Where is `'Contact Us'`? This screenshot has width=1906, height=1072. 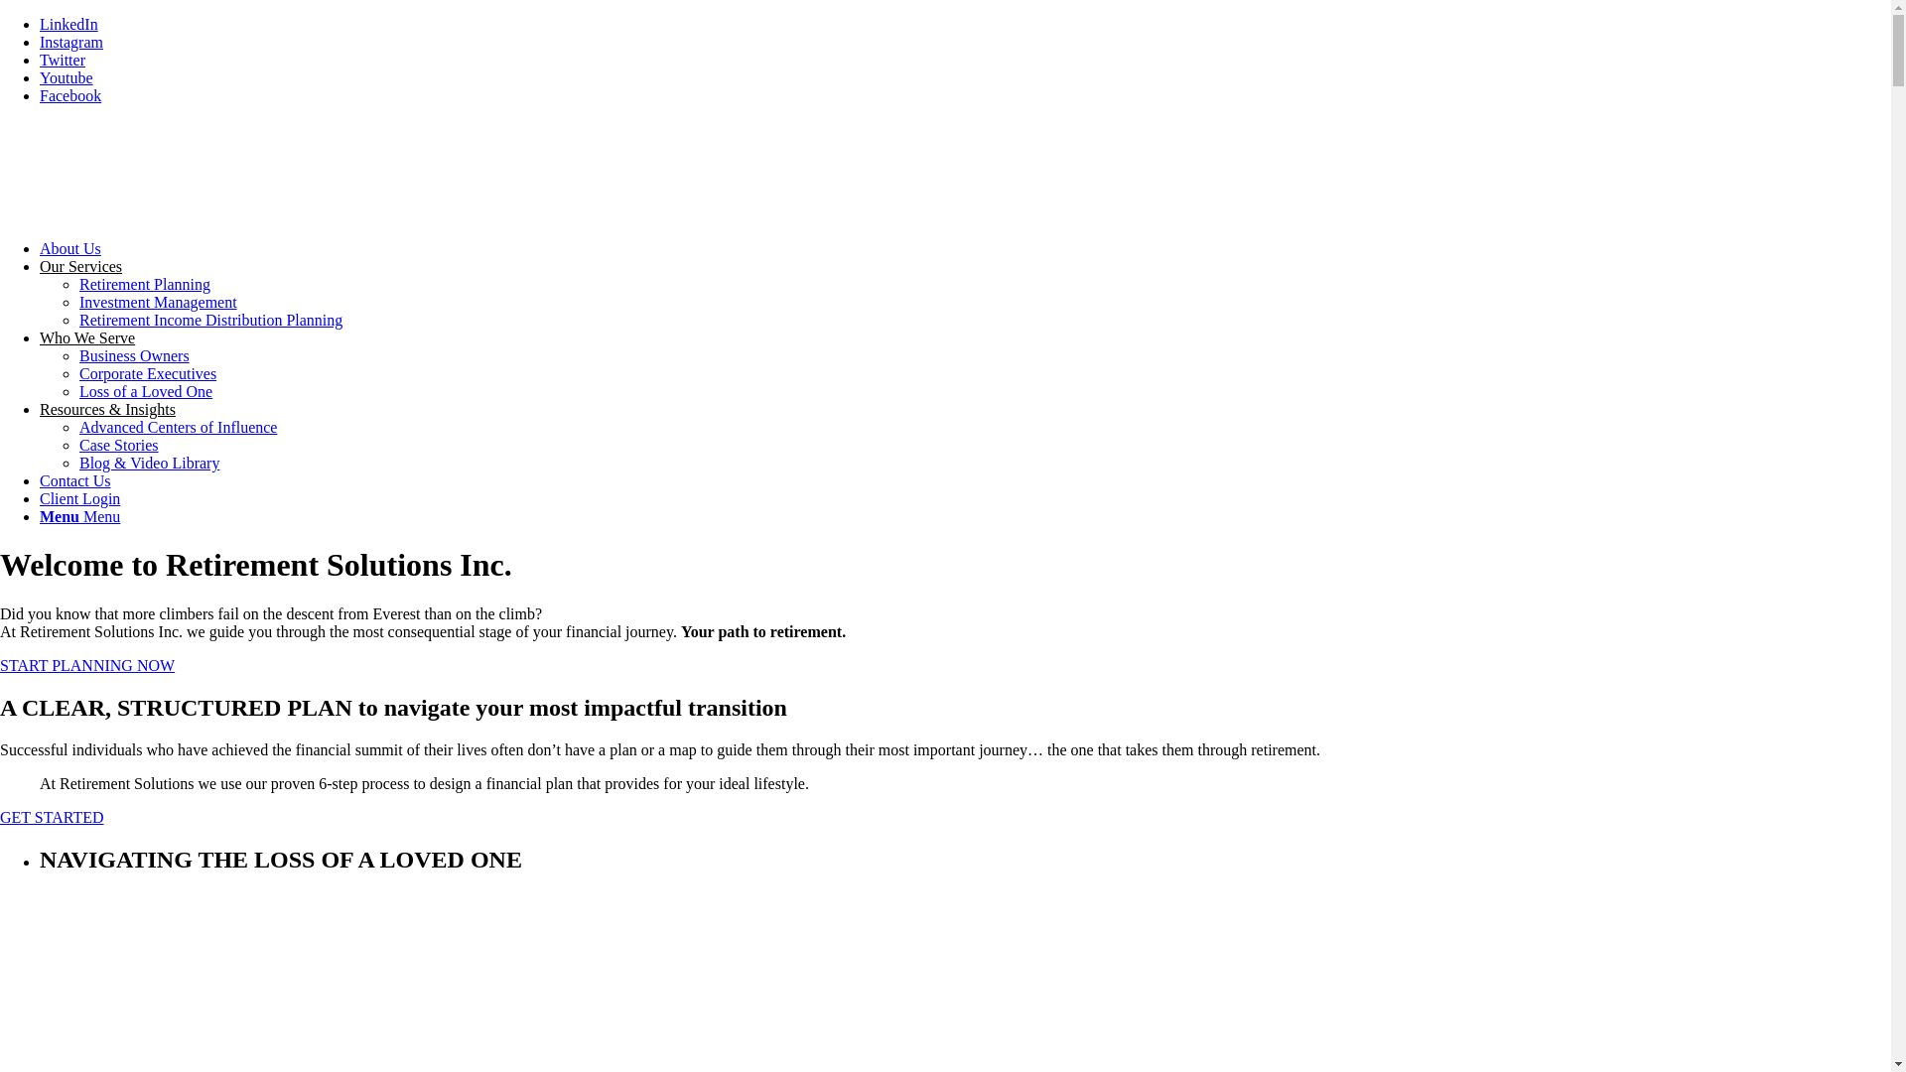
'Contact Us' is located at coordinates (75, 480).